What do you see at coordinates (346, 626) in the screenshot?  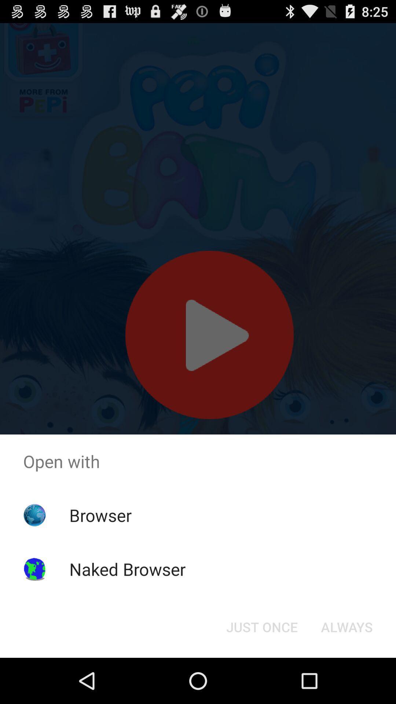 I see `the button at the bottom right corner` at bounding box center [346, 626].